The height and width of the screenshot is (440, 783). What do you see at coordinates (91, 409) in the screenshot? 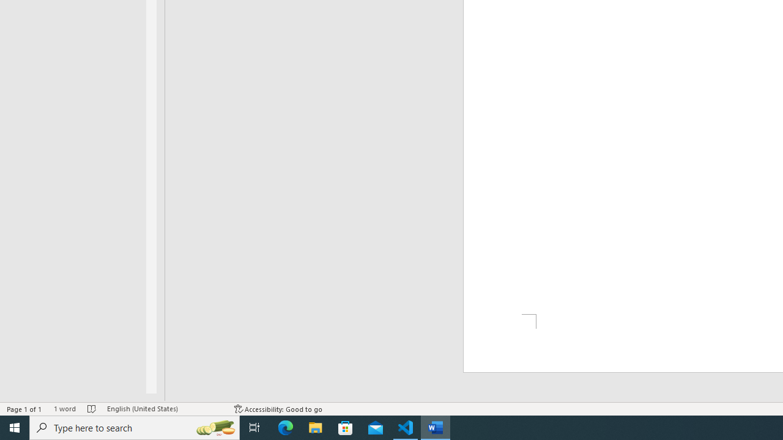
I see `'Spelling and Grammar Check No Errors'` at bounding box center [91, 409].